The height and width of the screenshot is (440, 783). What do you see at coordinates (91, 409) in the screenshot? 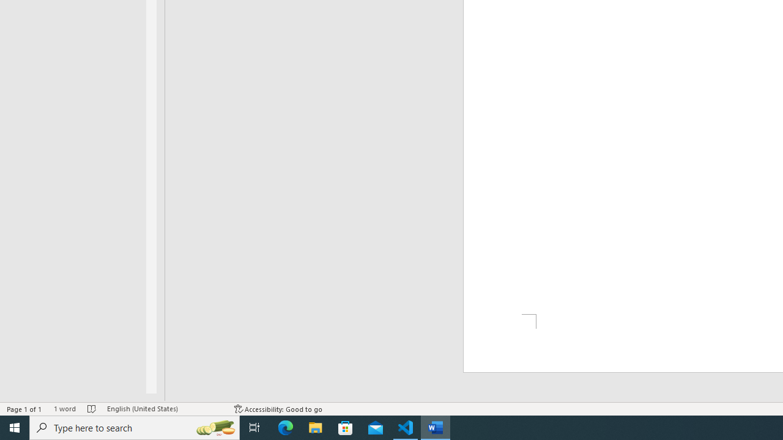
I see `'Spelling and Grammar Check No Errors'` at bounding box center [91, 409].